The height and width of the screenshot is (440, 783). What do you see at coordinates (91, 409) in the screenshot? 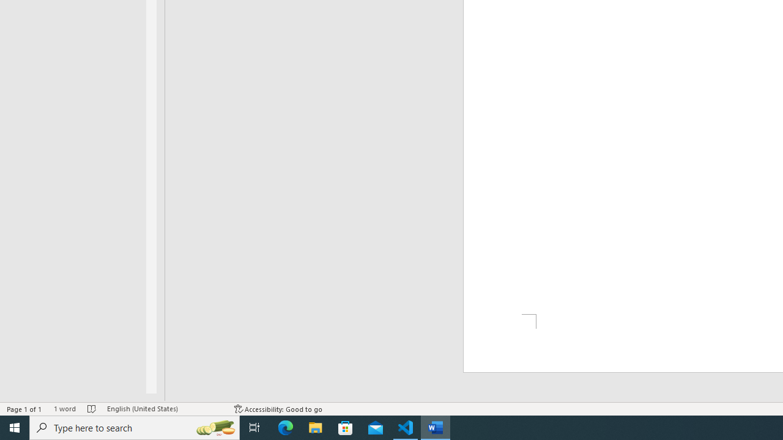
I see `'Spelling and Grammar Check No Errors'` at bounding box center [91, 409].